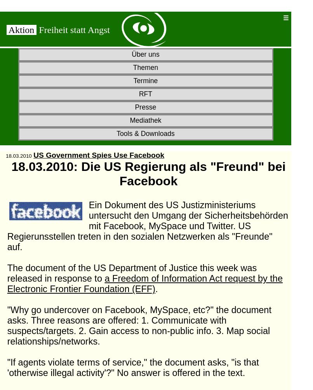 Image resolution: width=313 pixels, height=390 pixels. Describe the element at coordinates (144, 283) in the screenshot. I see `'a Freedom of Information Act request by the Electronic Frontier Foundation (EFF)'` at that location.